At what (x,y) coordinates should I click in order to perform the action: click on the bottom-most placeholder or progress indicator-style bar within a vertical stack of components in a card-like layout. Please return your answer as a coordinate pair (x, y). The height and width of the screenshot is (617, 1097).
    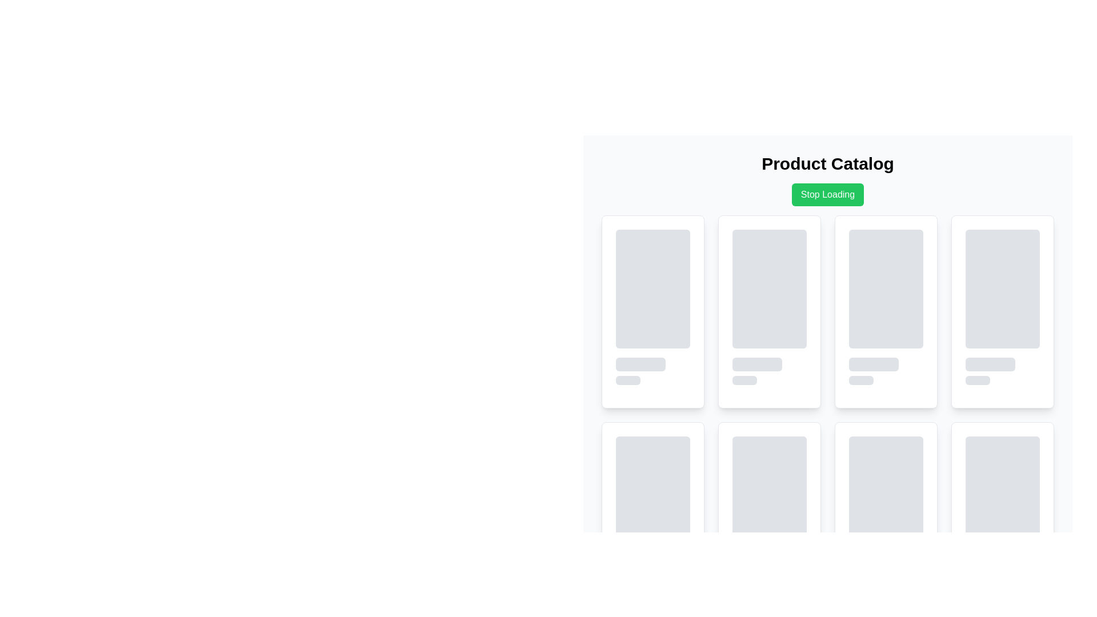
    Looking at the image, I should click on (627, 380).